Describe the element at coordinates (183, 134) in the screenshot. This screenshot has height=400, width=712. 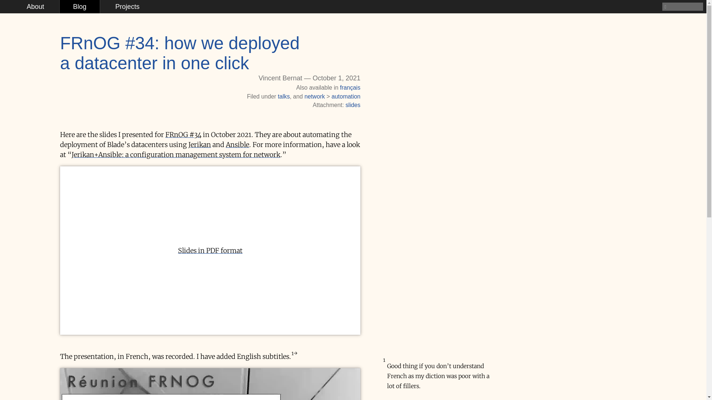
I see `'FRnOG #34'` at that location.